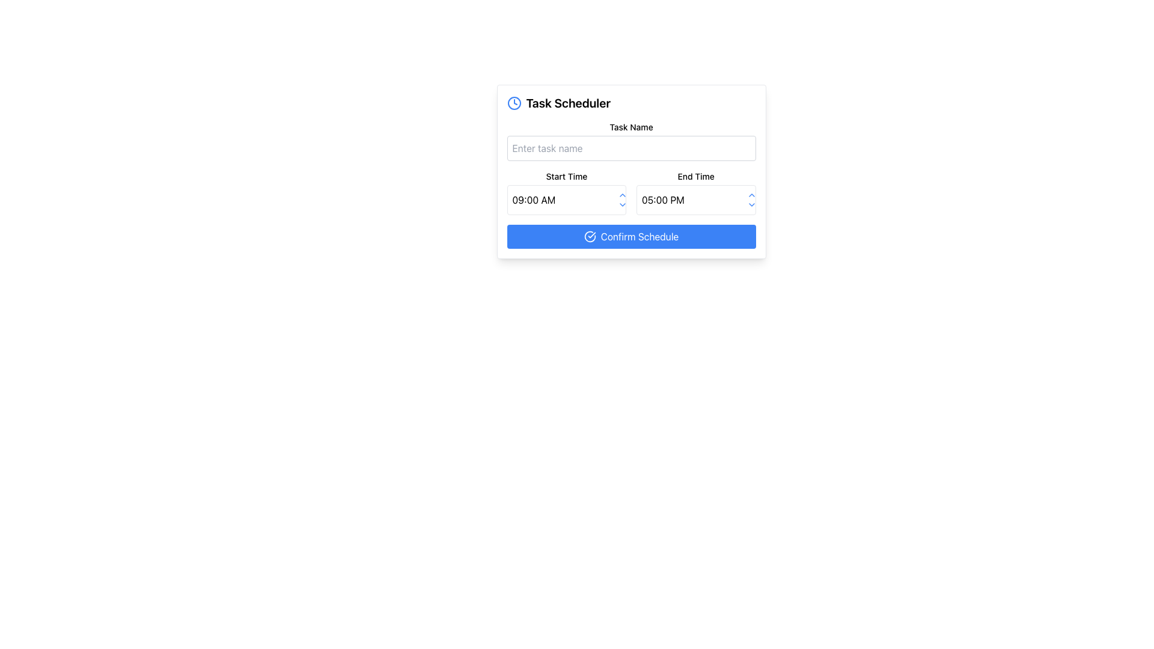  I want to click on the downward-facing blue chevron icon adjacent to the 'End Time' input field, so click(751, 204).